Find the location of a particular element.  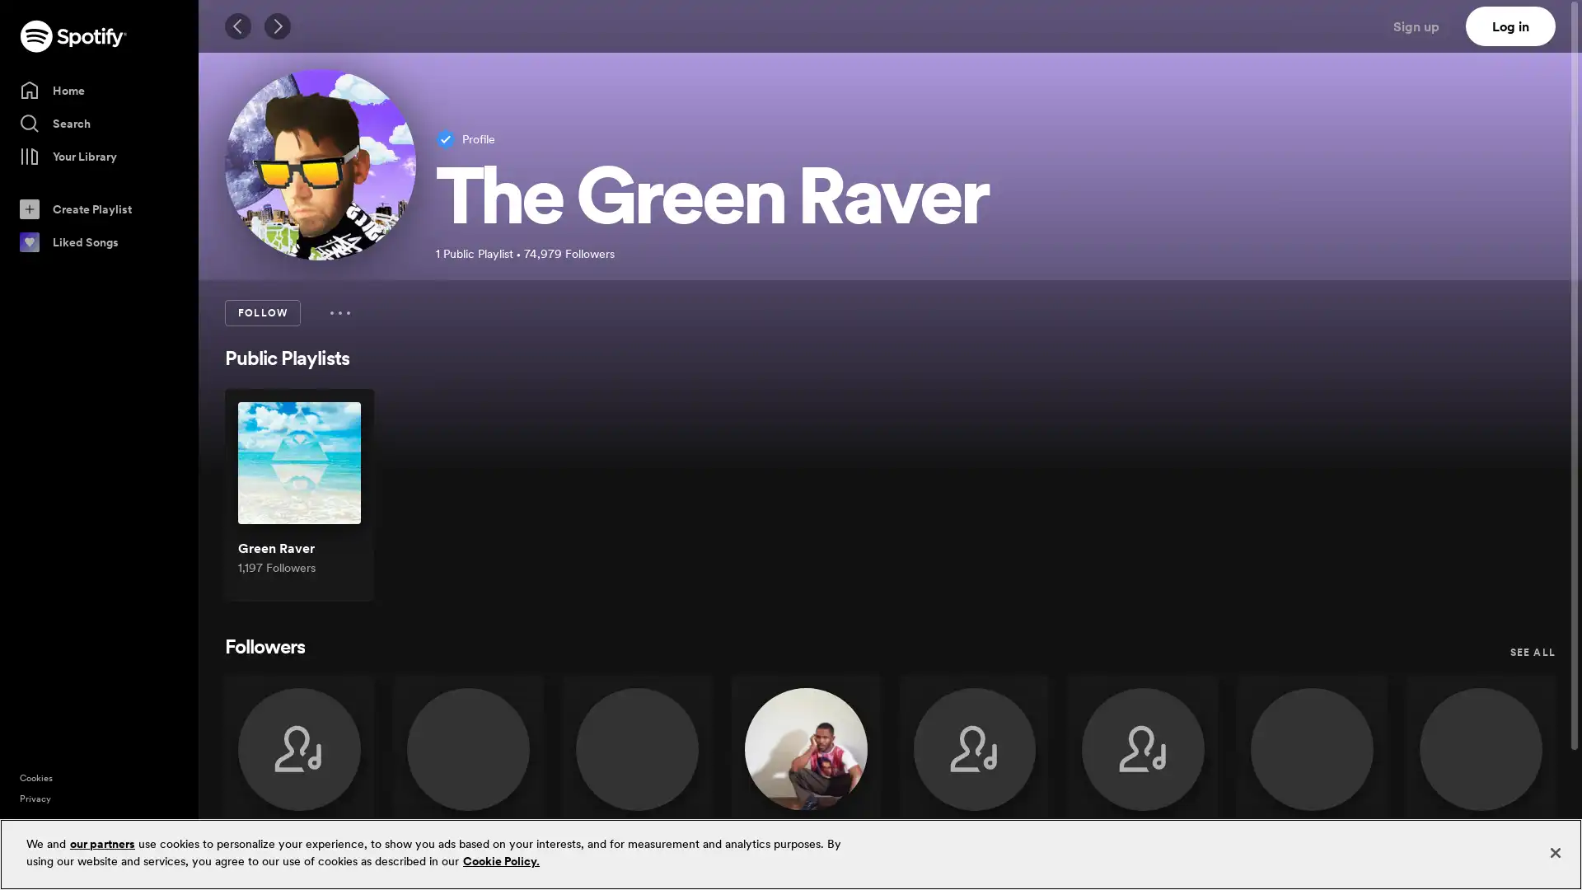

Sign up is located at coordinates (1425, 26).